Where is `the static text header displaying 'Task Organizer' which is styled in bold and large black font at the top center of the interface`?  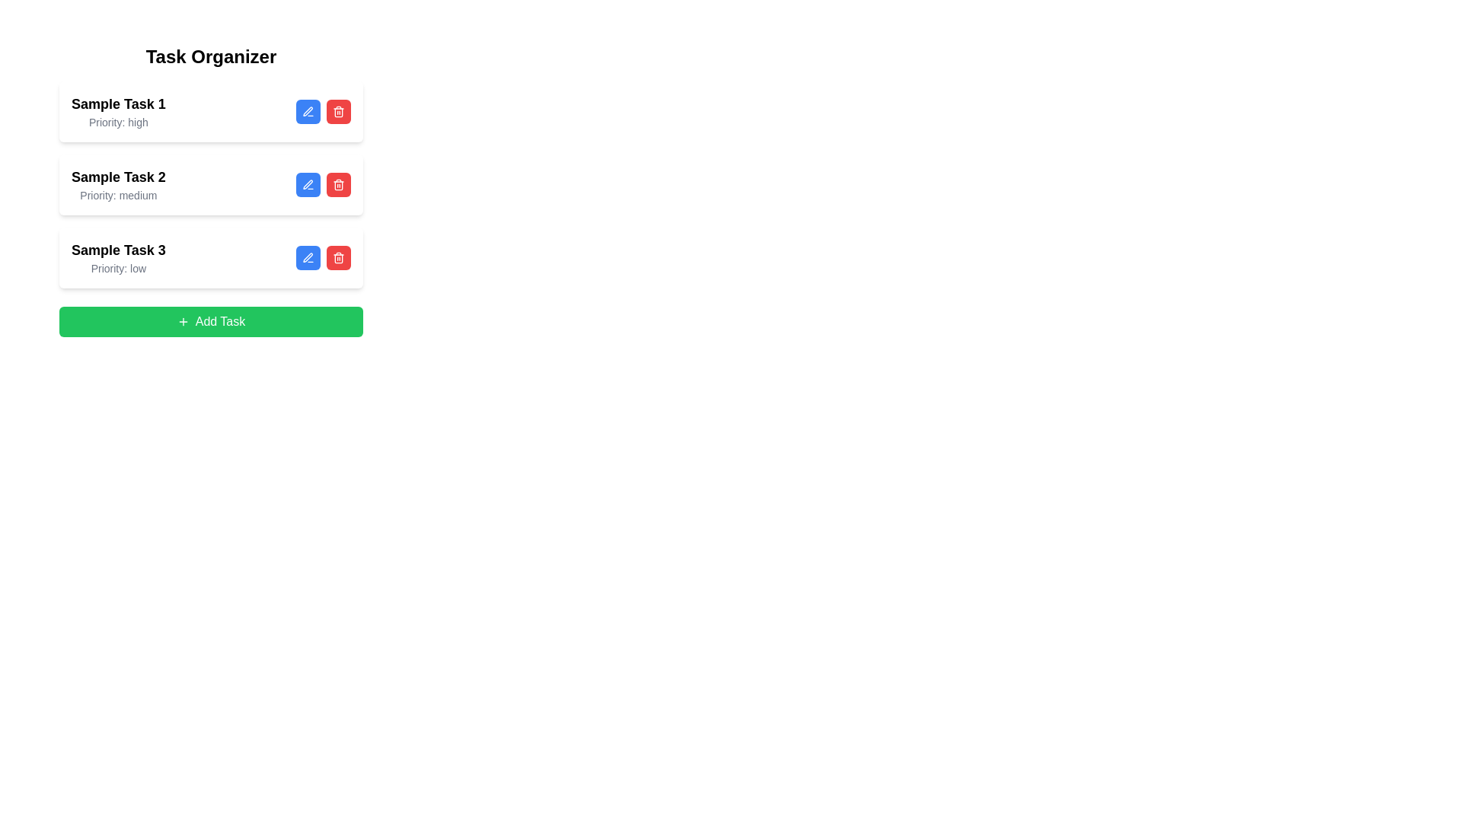 the static text header displaying 'Task Organizer' which is styled in bold and large black font at the top center of the interface is located at coordinates (210, 56).